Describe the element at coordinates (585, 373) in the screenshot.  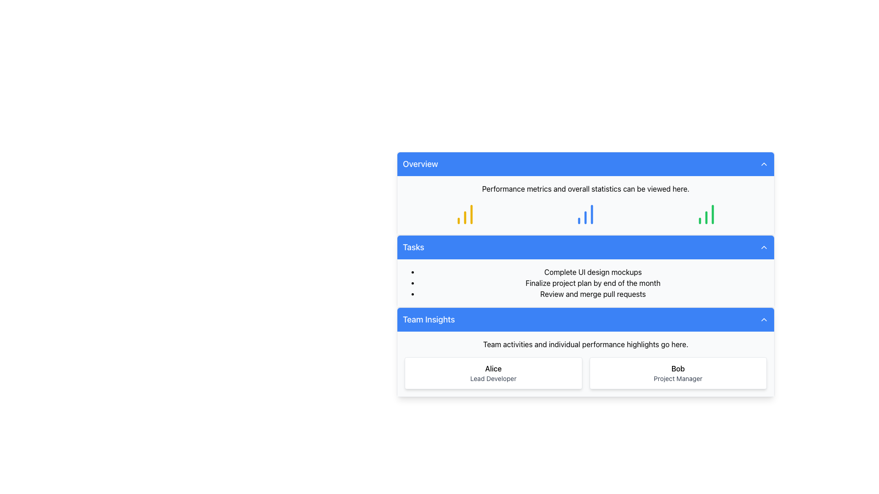
I see `the Grid containing profile cards in the 'Team Insights' section` at that location.